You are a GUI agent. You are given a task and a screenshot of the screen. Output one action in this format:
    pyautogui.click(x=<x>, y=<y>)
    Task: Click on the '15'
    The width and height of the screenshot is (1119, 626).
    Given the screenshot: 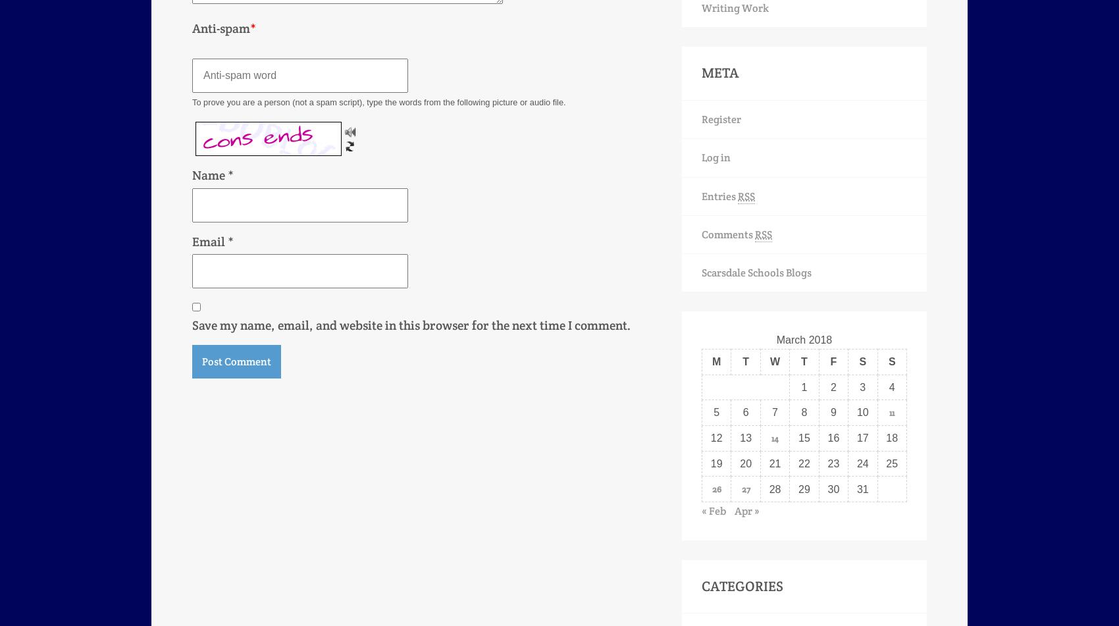 What is the action you would take?
    pyautogui.click(x=803, y=437)
    